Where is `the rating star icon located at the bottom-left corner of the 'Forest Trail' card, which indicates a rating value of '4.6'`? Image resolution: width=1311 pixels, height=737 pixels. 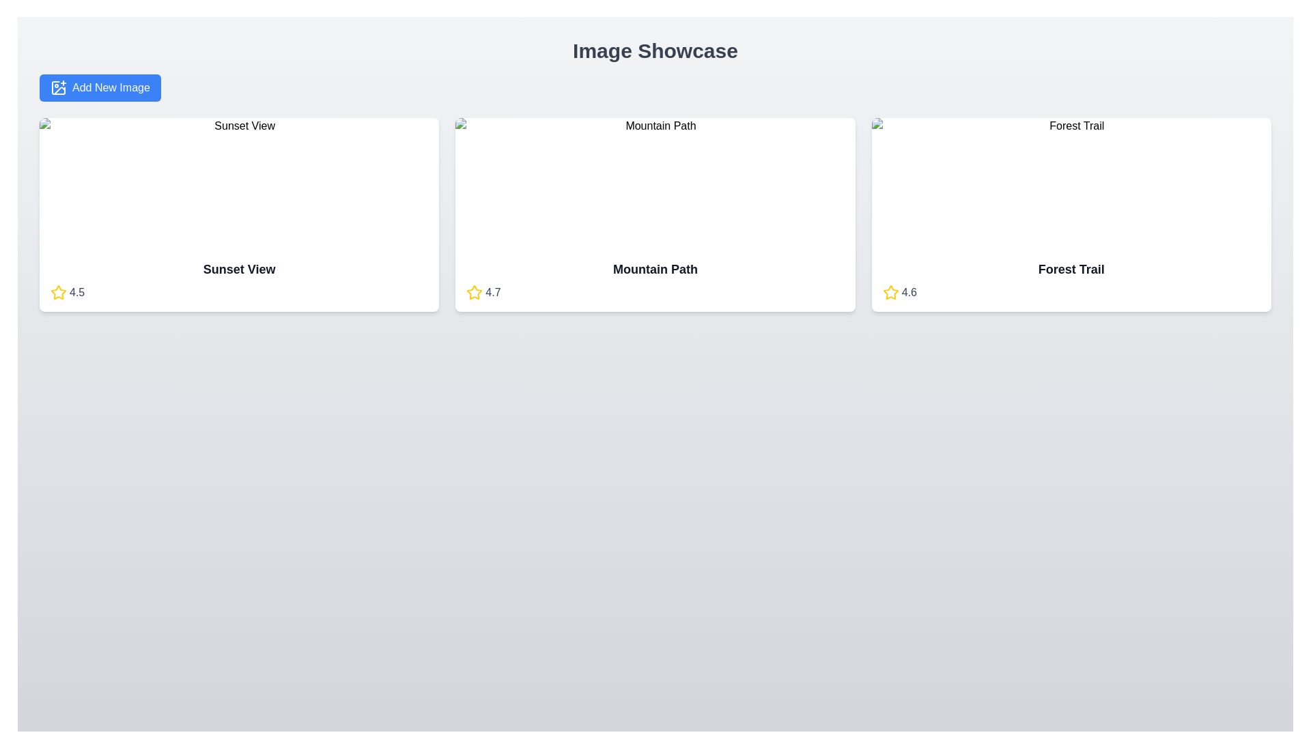
the rating star icon located at the bottom-left corner of the 'Forest Trail' card, which indicates a rating value of '4.6' is located at coordinates (890, 291).